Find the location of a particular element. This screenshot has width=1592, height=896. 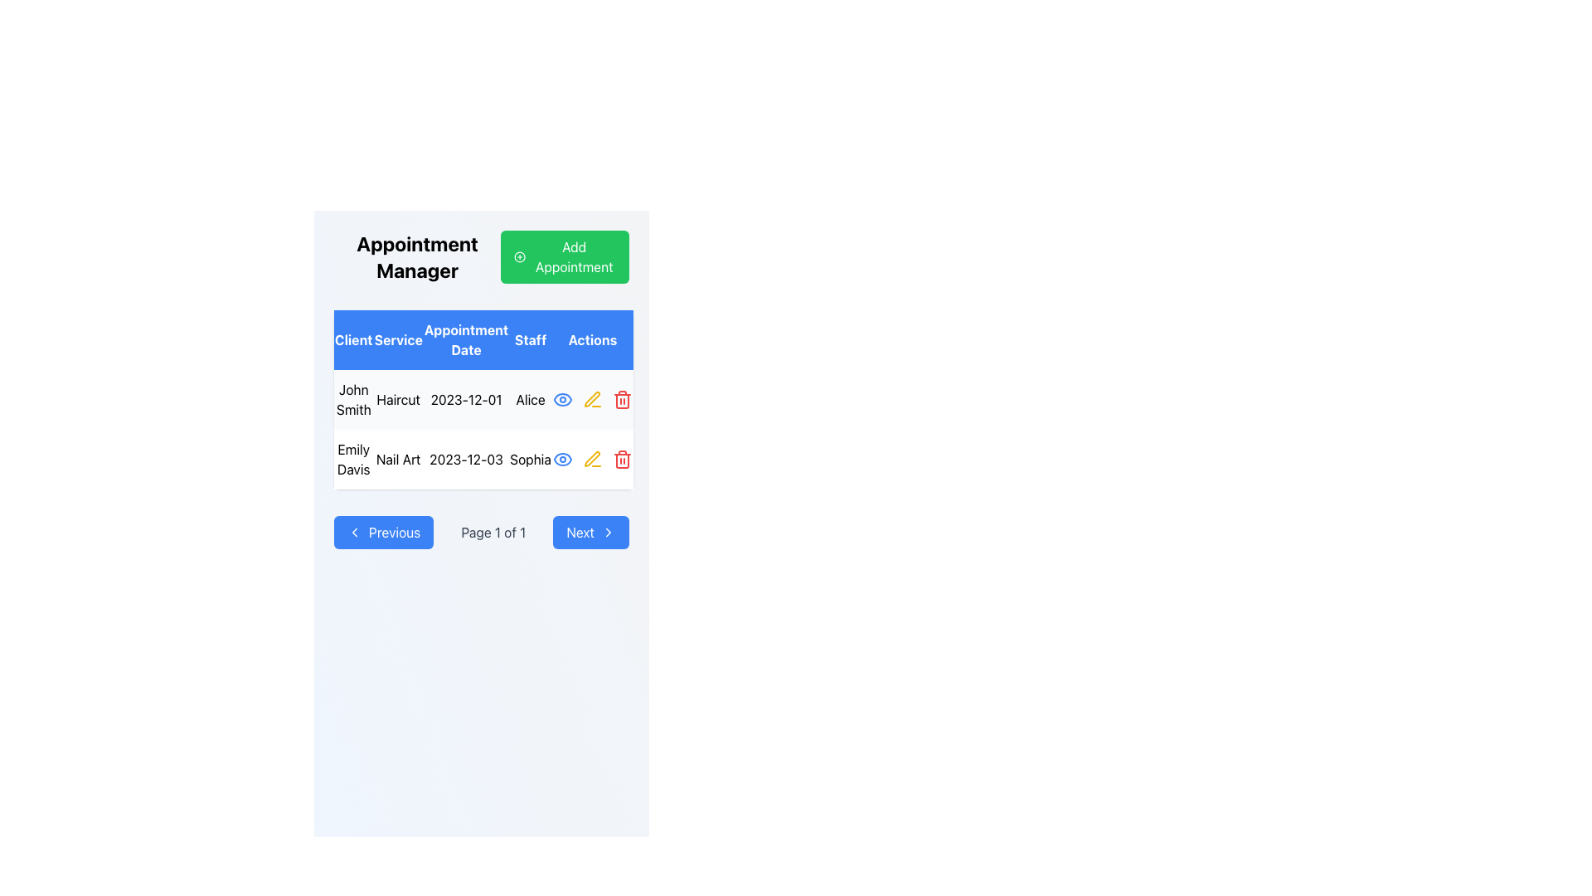

the delete icon button located as the third icon in the 'Actions' column of the second row in the table is located at coordinates (621, 460).